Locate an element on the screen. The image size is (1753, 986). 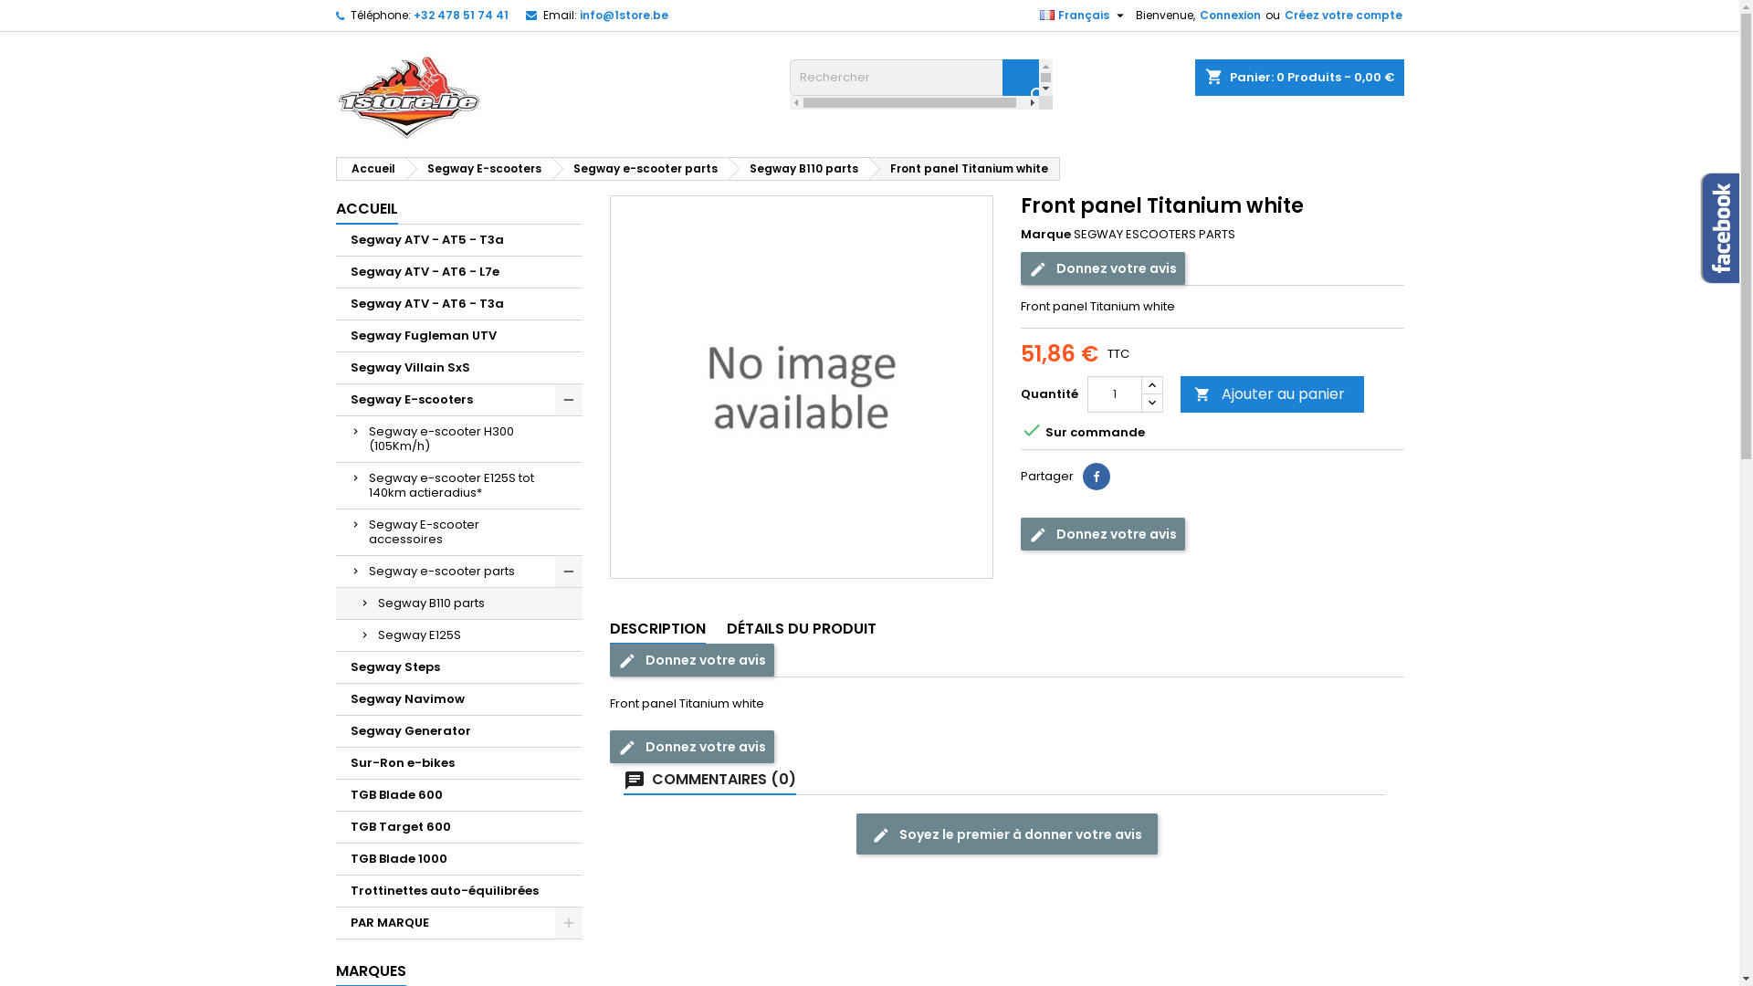
'Donnez votre avis' is located at coordinates (1102, 534).